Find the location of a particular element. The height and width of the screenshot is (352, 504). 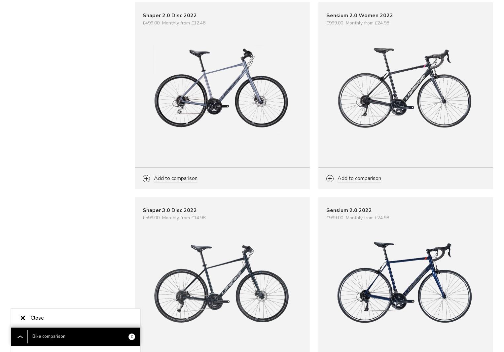

'£499.00' is located at coordinates (143, 22).